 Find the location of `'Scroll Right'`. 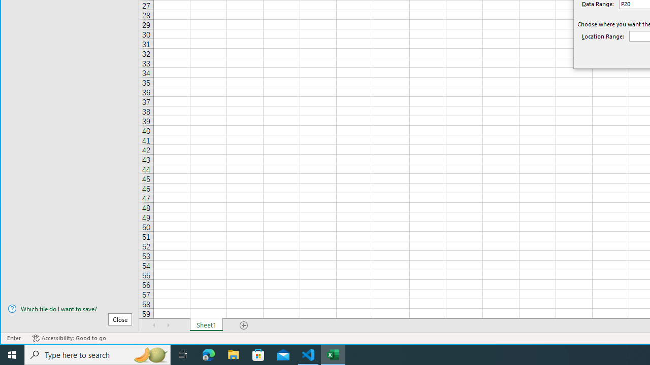

'Scroll Right' is located at coordinates (168, 325).